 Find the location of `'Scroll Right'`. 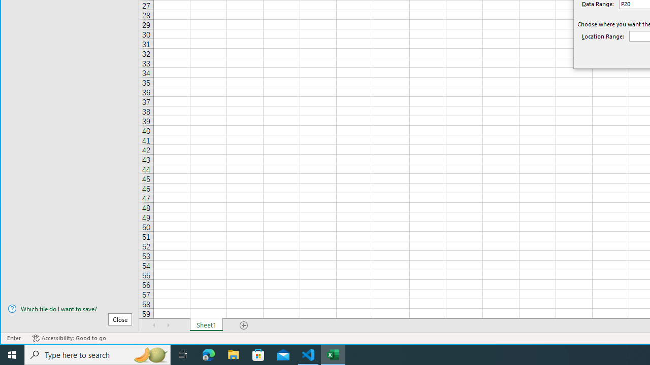

'Scroll Right' is located at coordinates (168, 325).